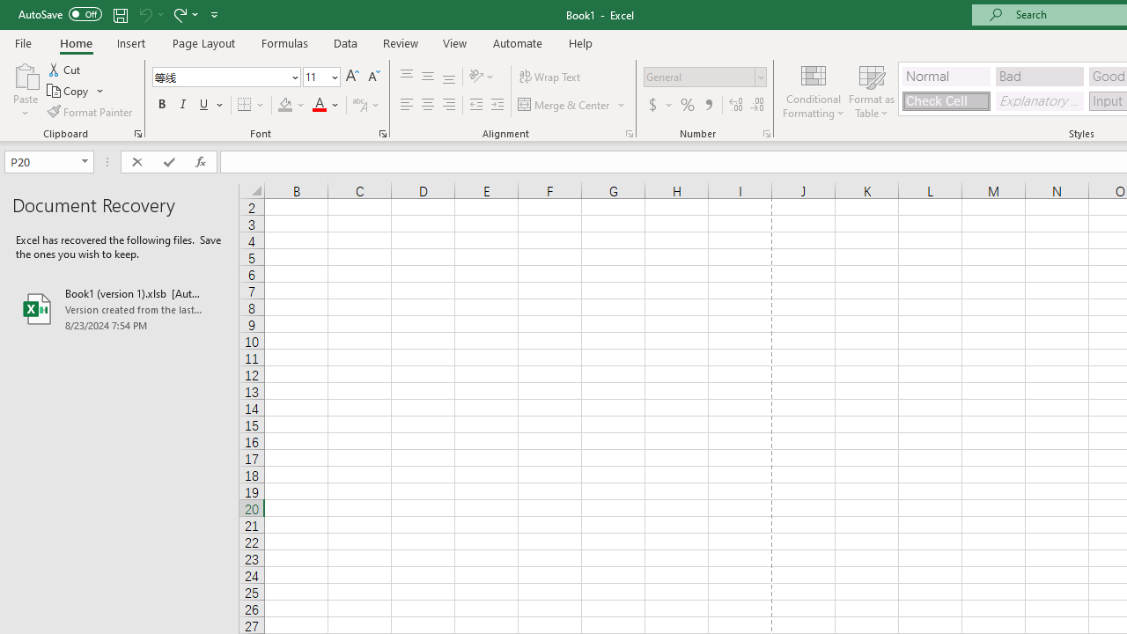  What do you see at coordinates (251, 105) in the screenshot?
I see `'Borders'` at bounding box center [251, 105].